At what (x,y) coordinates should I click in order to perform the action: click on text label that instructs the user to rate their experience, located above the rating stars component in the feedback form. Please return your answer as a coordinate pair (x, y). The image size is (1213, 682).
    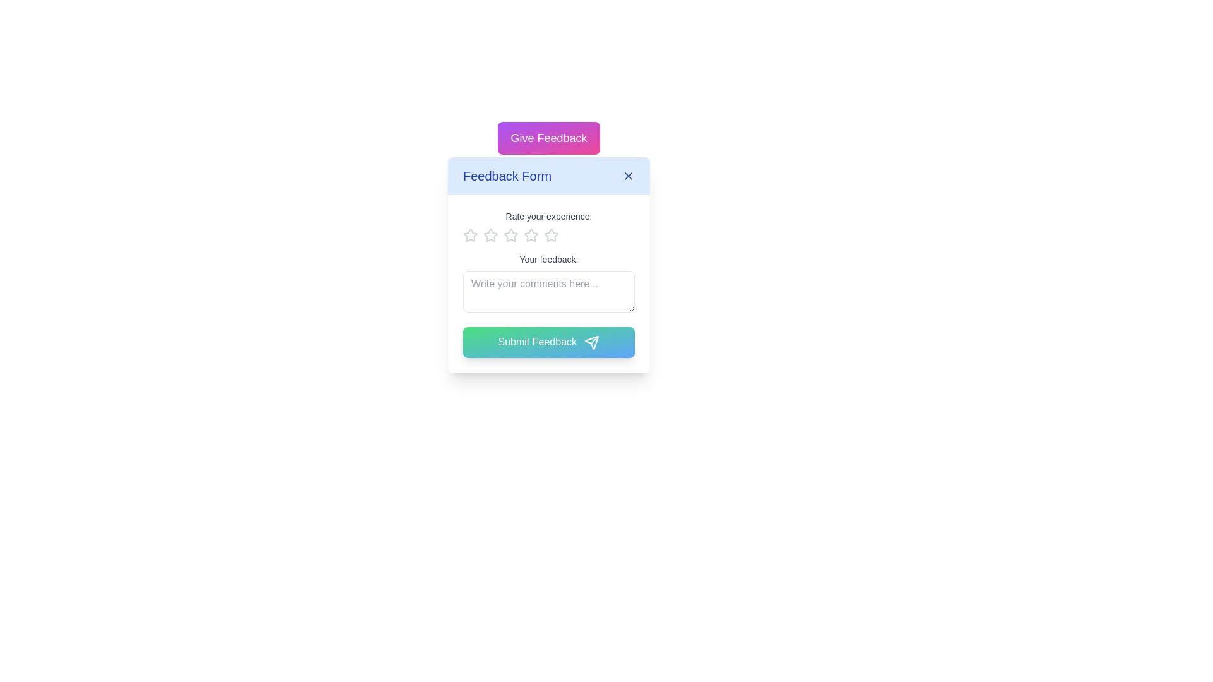
    Looking at the image, I should click on (548, 216).